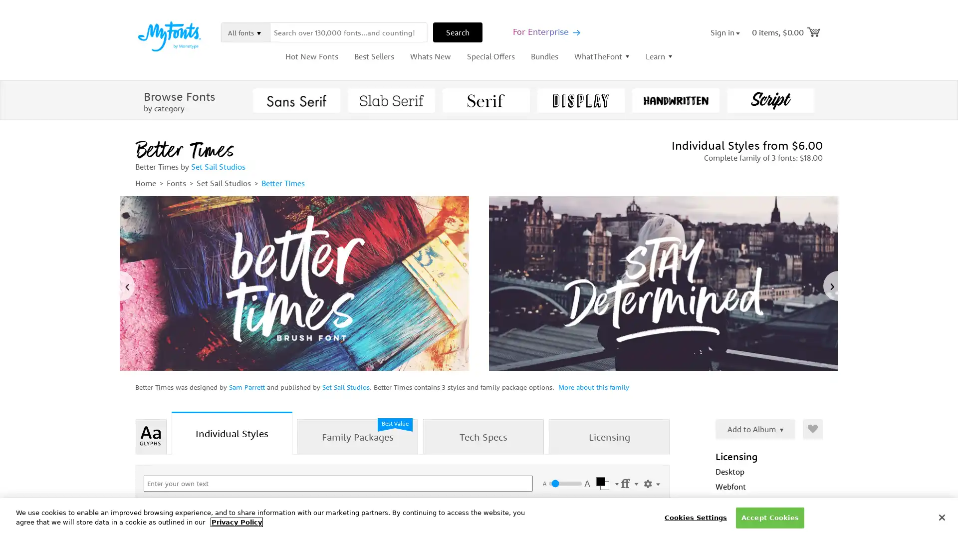 The height and width of the screenshot is (539, 958). What do you see at coordinates (941, 517) in the screenshot?
I see `Close` at bounding box center [941, 517].